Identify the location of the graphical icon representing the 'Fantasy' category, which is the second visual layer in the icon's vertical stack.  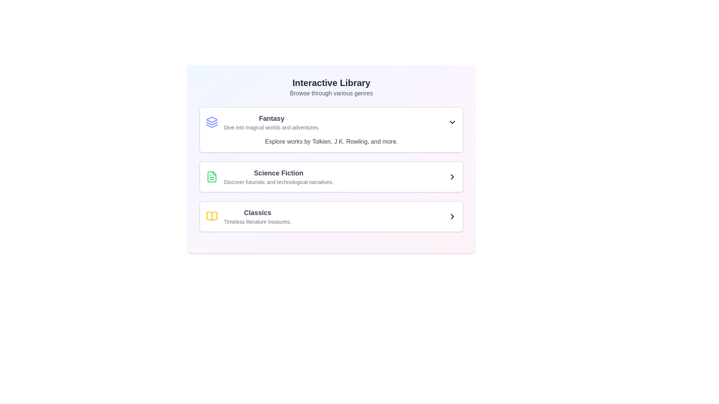
(212, 123).